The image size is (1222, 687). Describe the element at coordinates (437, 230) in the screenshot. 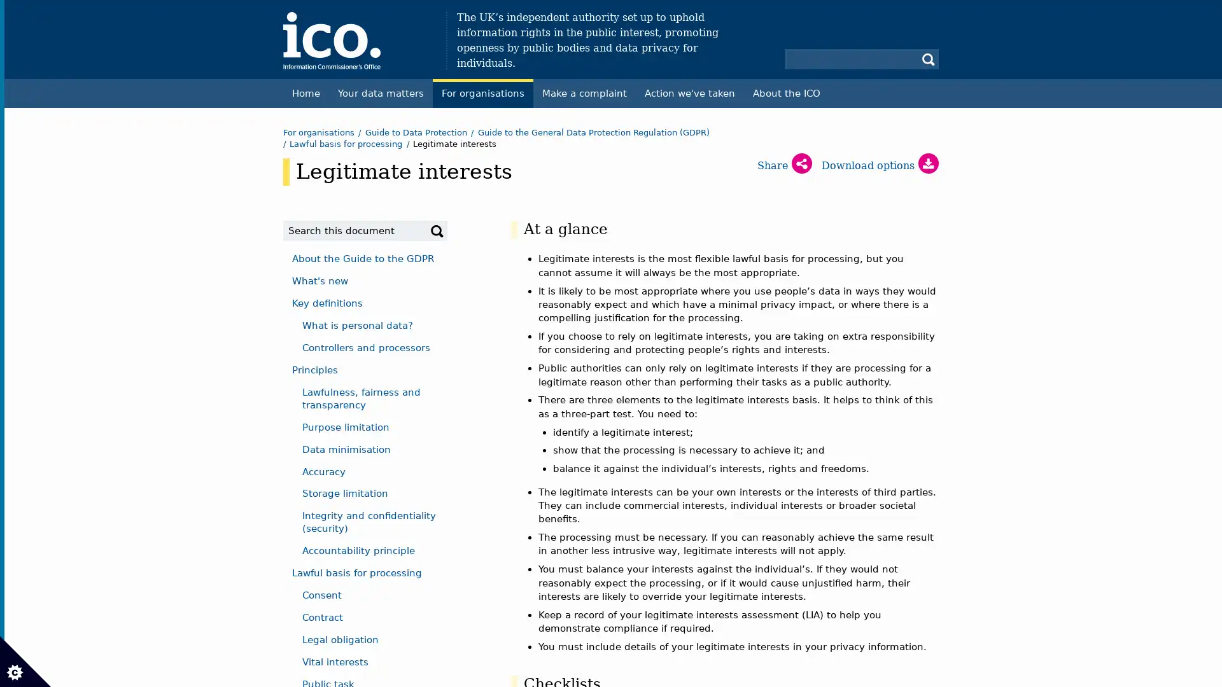

I see `Search` at that location.